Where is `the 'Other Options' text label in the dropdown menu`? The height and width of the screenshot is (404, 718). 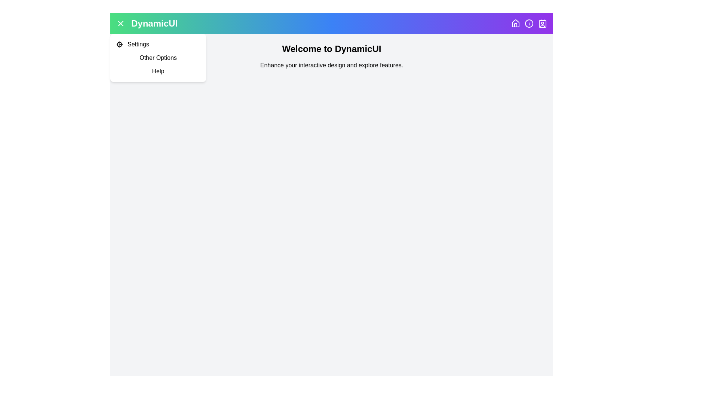 the 'Other Options' text label in the dropdown menu is located at coordinates (157, 57).